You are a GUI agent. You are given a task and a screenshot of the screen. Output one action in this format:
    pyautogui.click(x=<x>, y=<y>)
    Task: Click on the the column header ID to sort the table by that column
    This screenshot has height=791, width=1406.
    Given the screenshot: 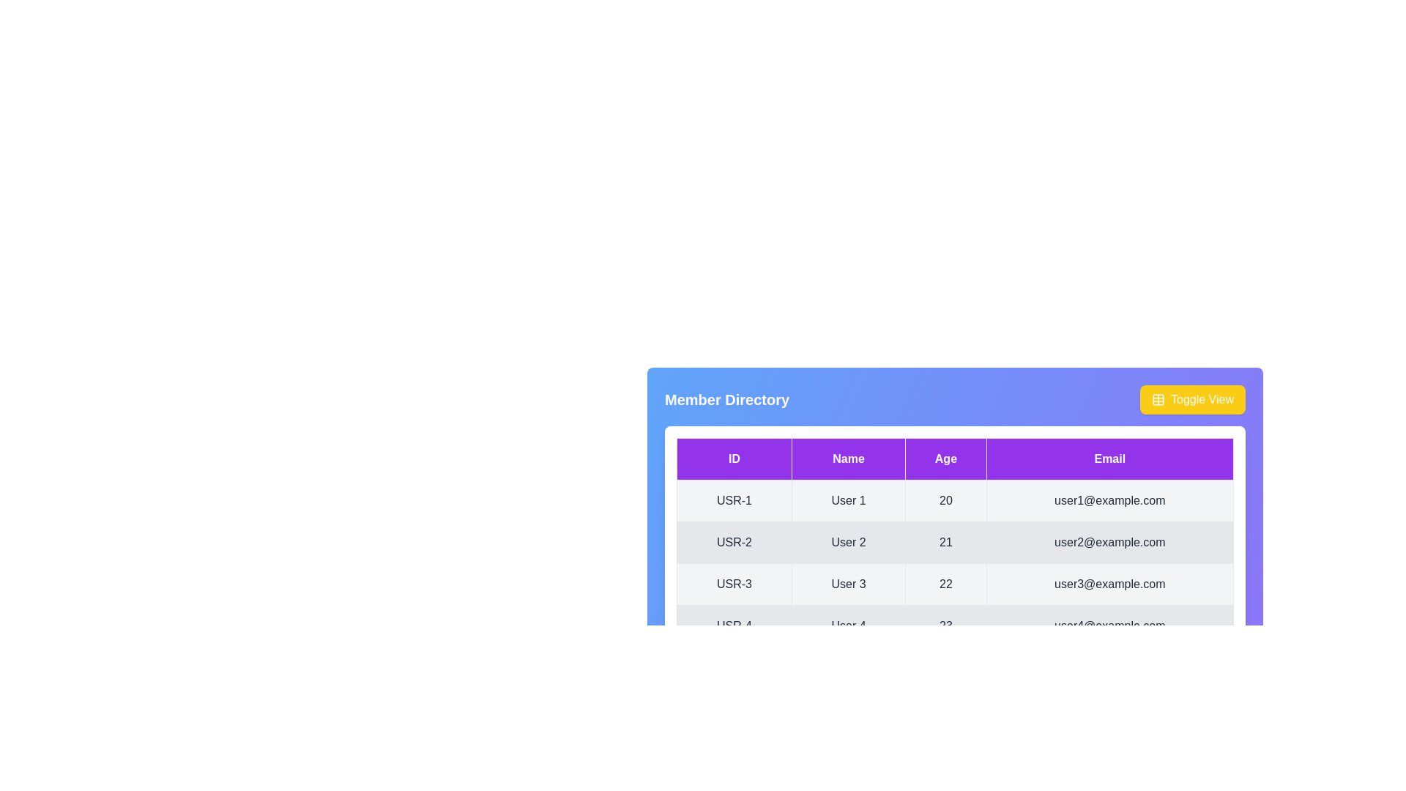 What is the action you would take?
    pyautogui.click(x=734, y=458)
    